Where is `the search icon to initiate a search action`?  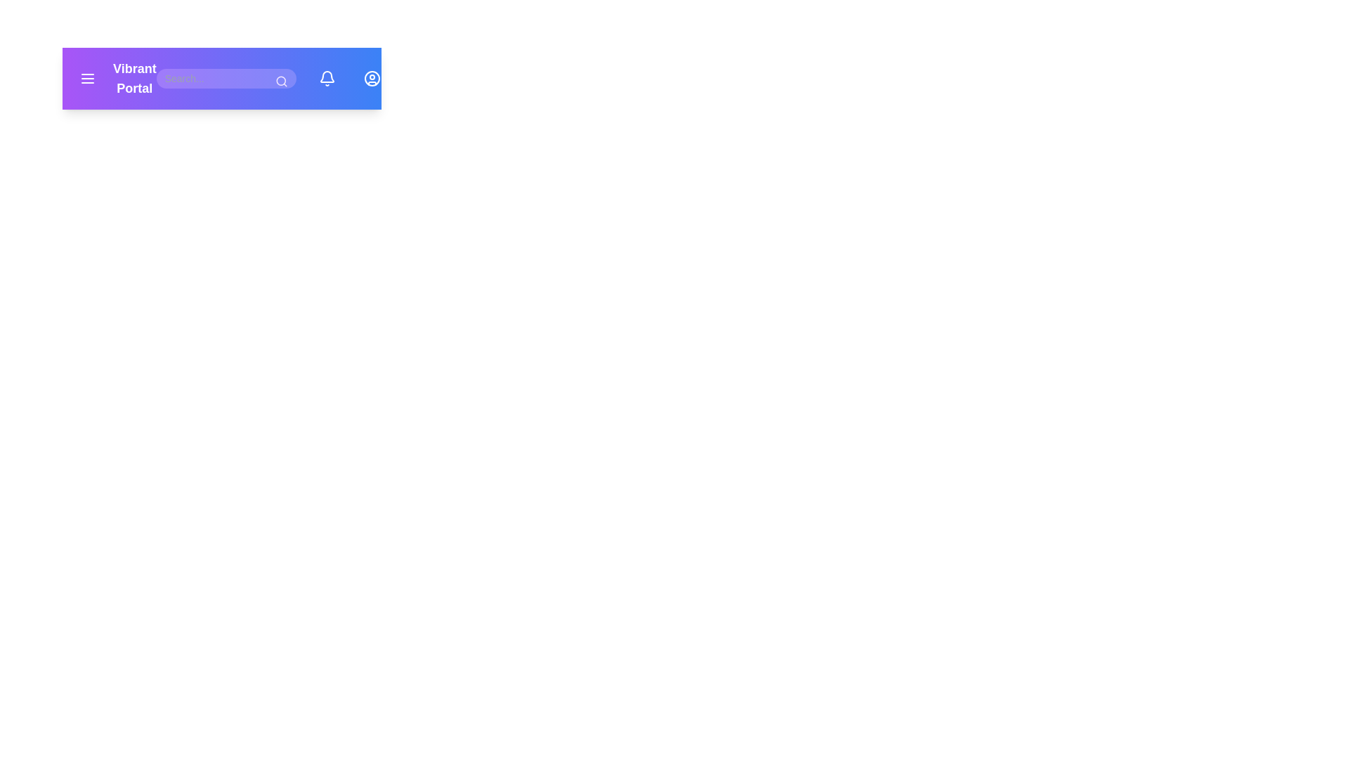 the search icon to initiate a search action is located at coordinates (280, 81).